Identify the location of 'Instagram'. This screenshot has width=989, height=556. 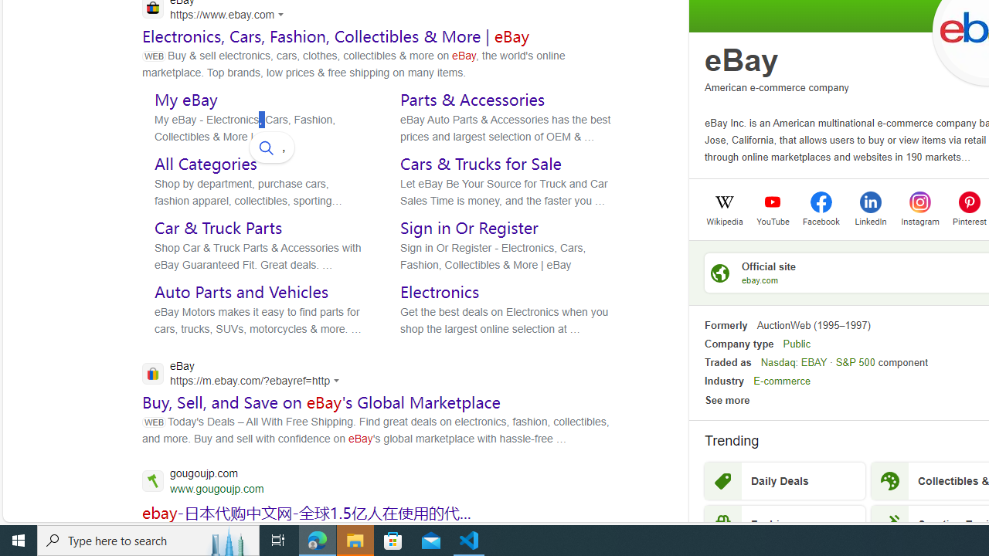
(920, 220).